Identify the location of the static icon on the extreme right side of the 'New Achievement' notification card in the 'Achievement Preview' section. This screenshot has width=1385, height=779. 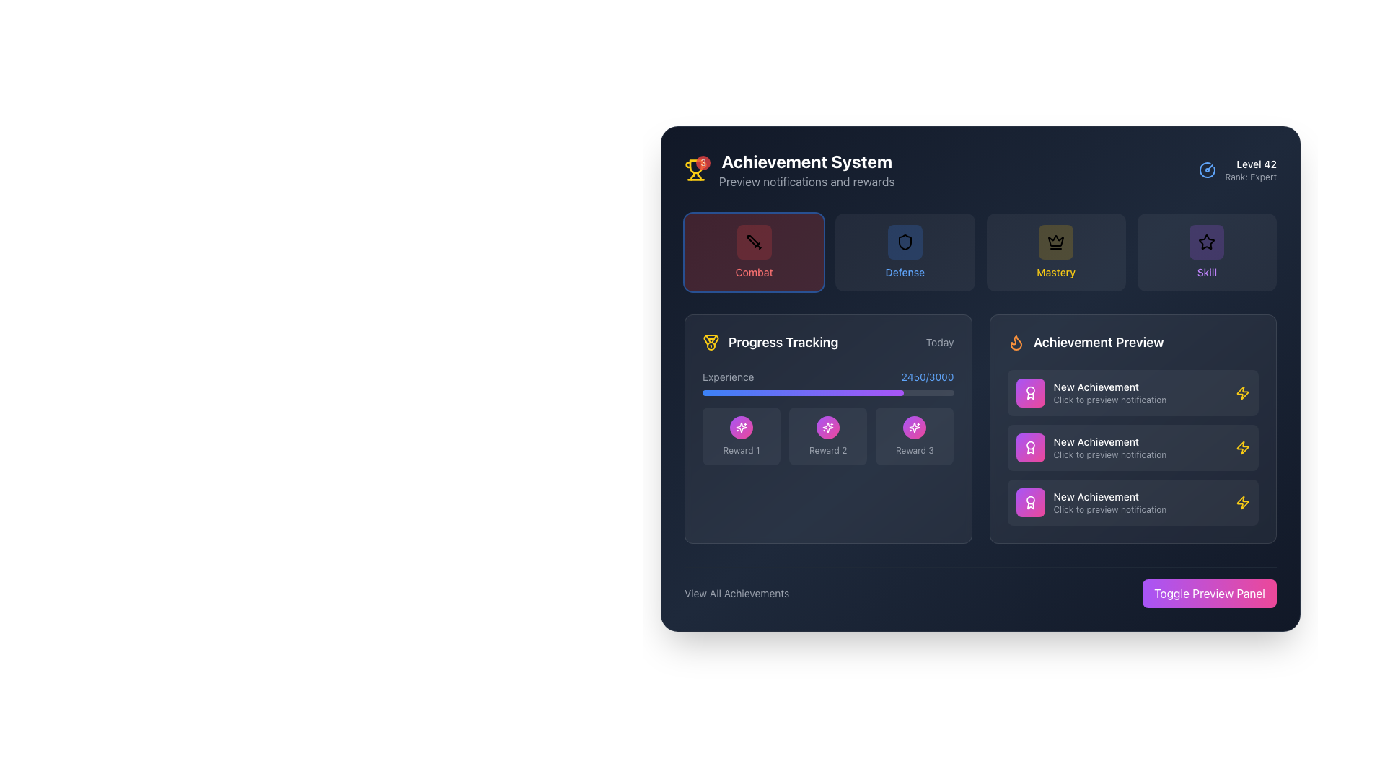
(1242, 447).